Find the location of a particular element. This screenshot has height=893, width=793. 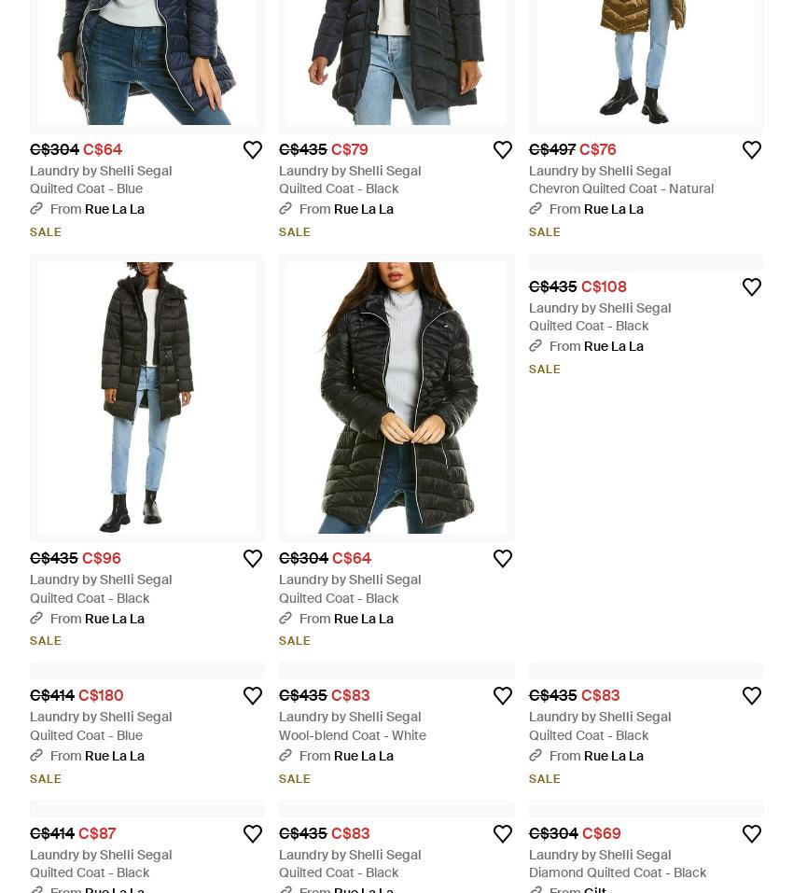

'C$76' is located at coordinates (596, 148).